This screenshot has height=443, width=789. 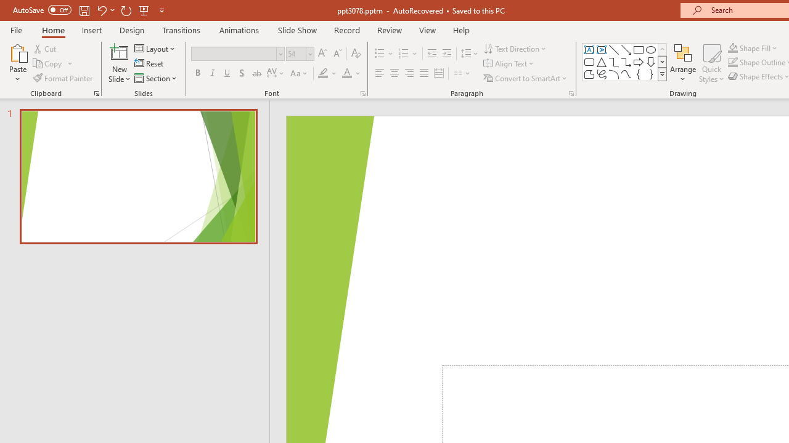 I want to click on 'Paste', so click(x=17, y=52).